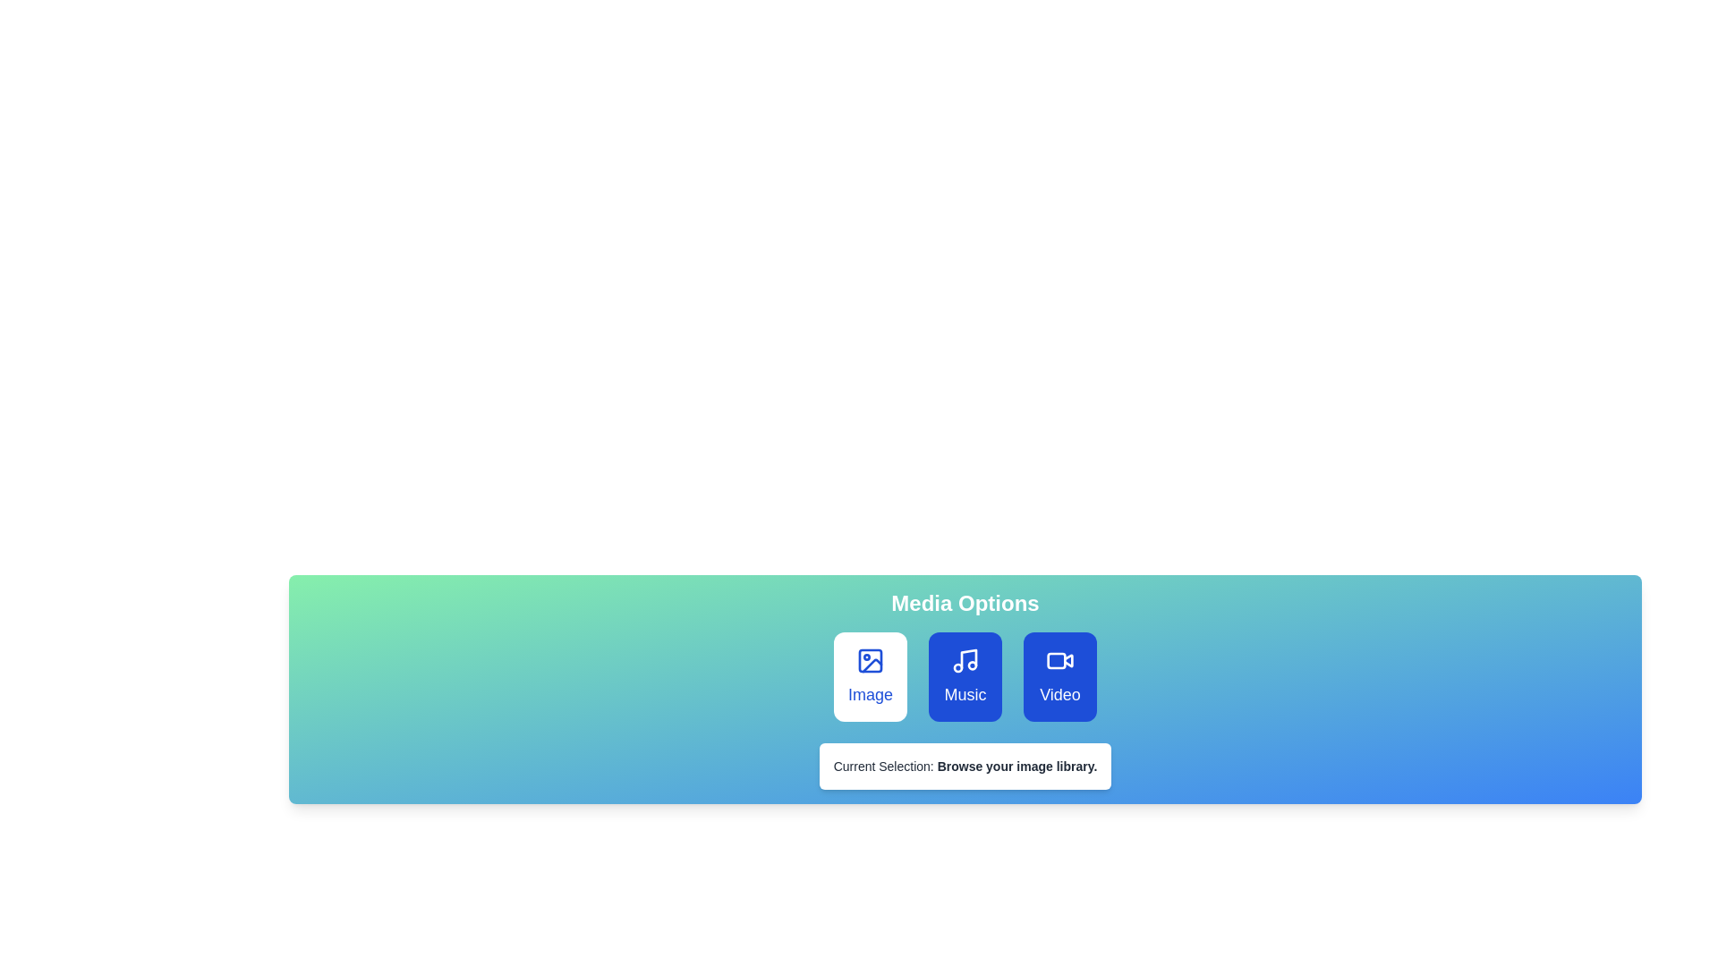  I want to click on the blue square button labeled 'Music' with a musical note icon, so click(965, 676).